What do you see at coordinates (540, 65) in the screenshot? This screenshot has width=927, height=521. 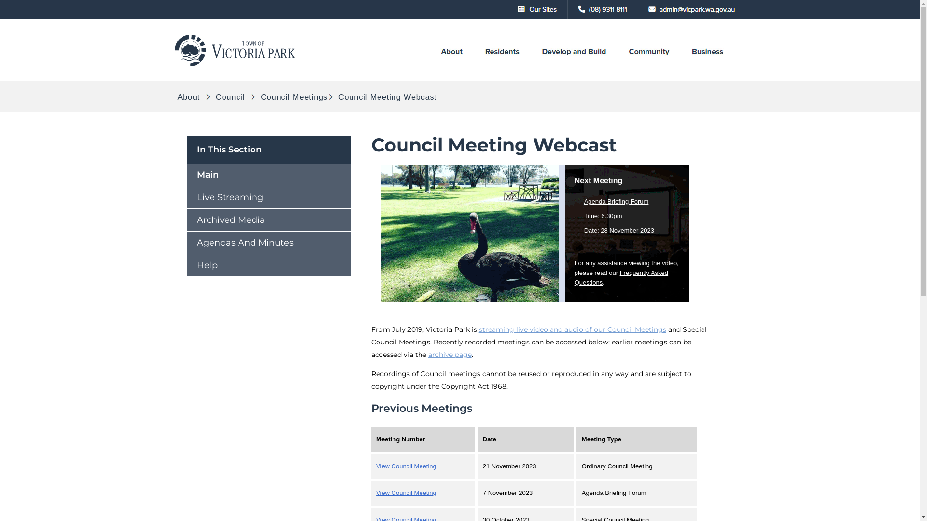 I see `'Develop and Build'` at bounding box center [540, 65].